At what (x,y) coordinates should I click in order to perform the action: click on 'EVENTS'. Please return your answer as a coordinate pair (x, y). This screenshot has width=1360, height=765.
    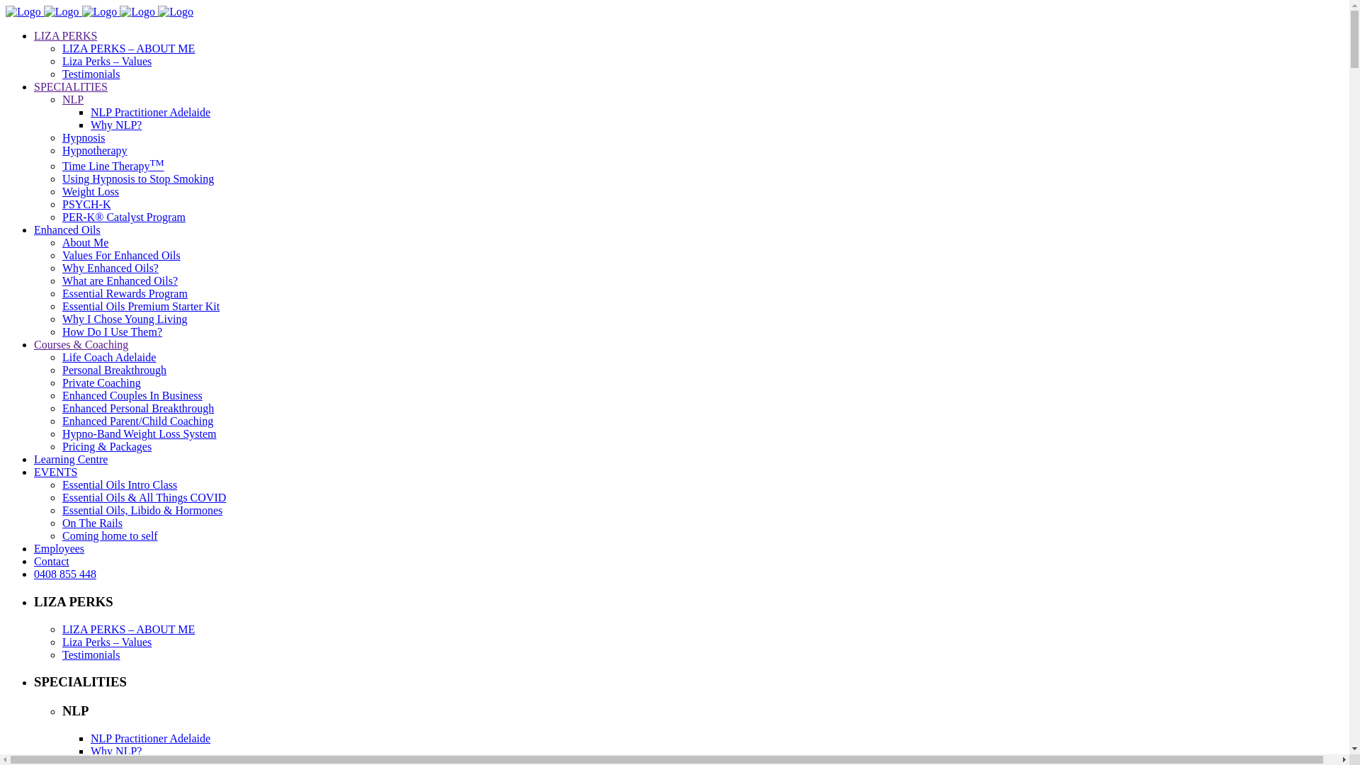
    Looking at the image, I should click on (55, 472).